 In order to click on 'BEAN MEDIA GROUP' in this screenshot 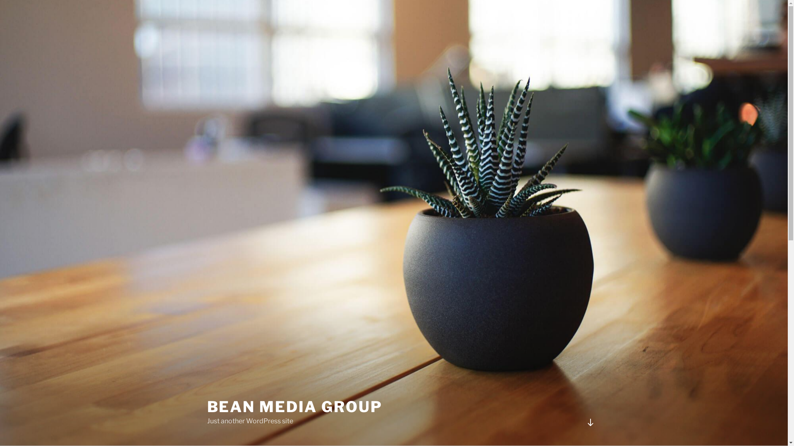, I will do `click(294, 406)`.